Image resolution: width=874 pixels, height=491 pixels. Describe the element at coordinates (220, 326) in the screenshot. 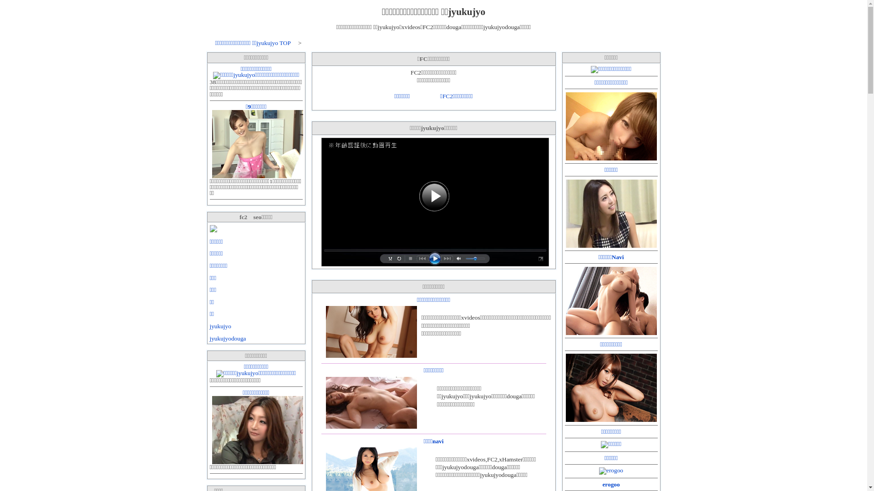

I see `'jyukujyo'` at that location.